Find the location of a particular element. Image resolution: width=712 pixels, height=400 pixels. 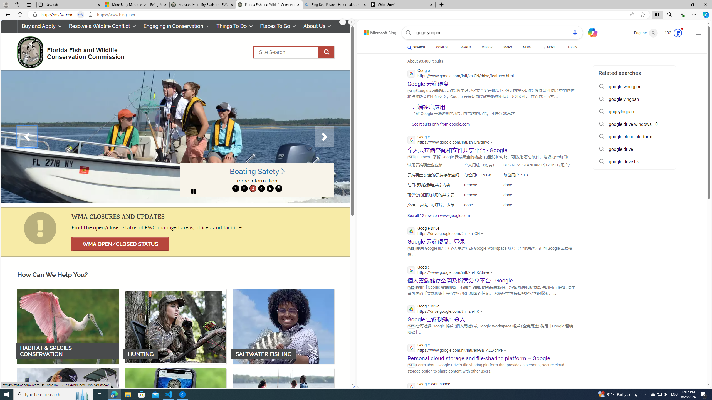

'New Tab' is located at coordinates (441, 4).